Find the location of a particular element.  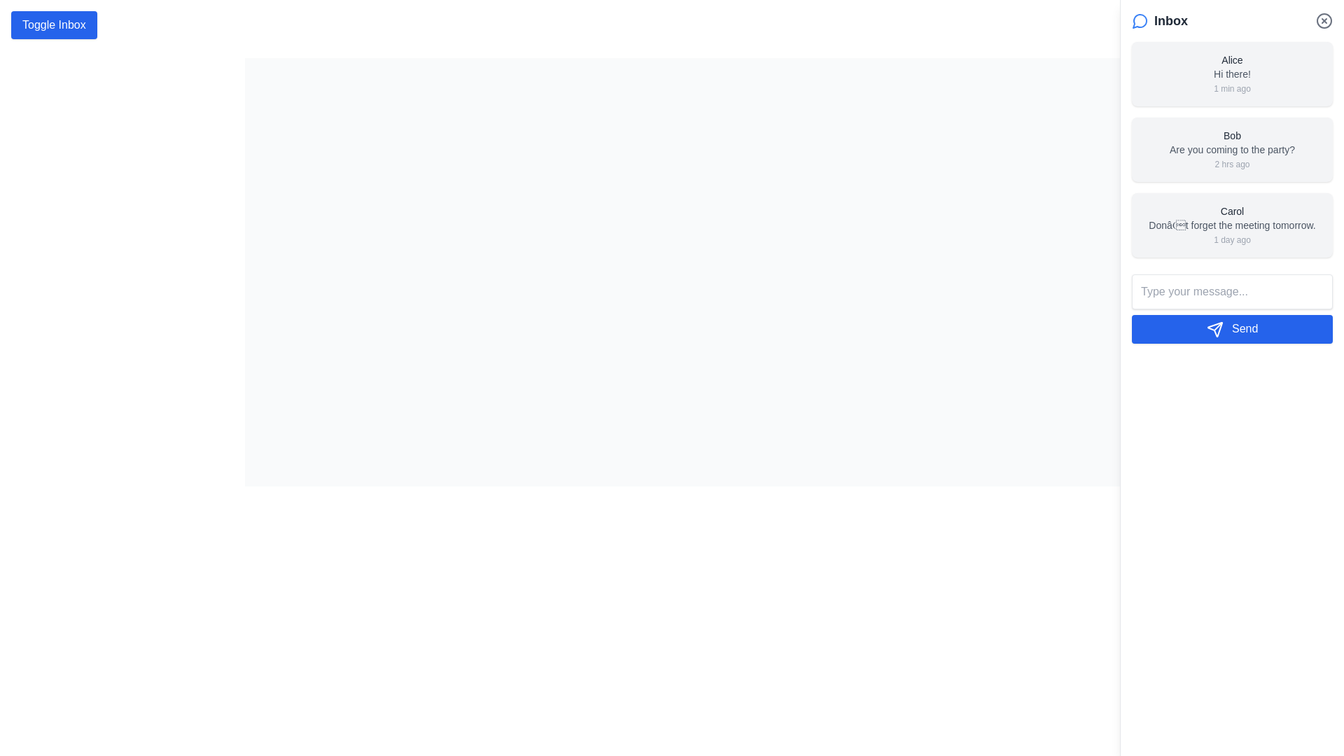

the small triangular 'send' icon located within the 'Send' button in the bottom-right corner of the chat interface is located at coordinates (1214, 329).